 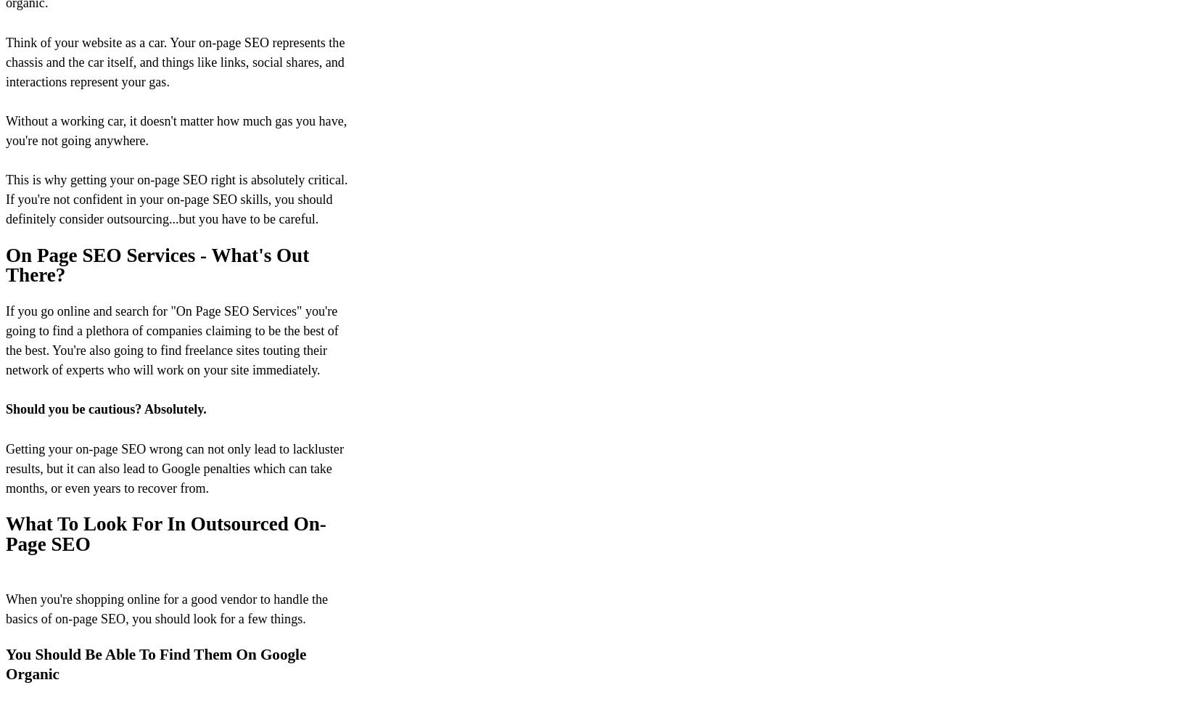 I want to click on 'What To Look For In Outsourced On-Page SEO', so click(x=165, y=533).